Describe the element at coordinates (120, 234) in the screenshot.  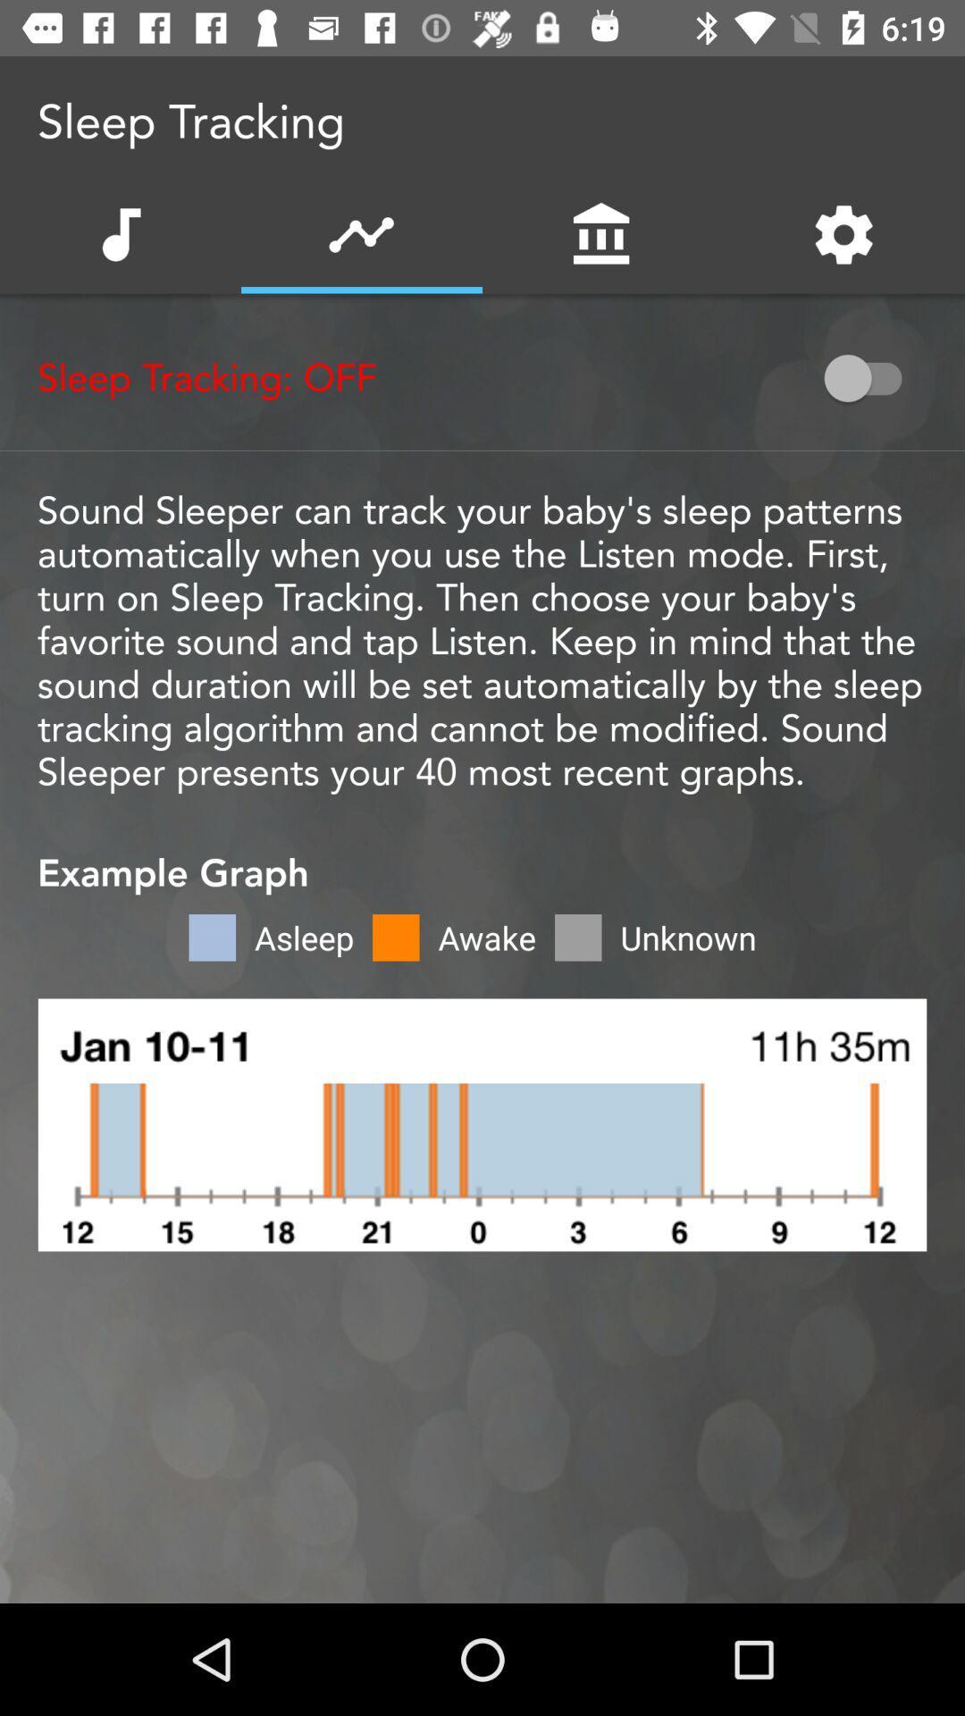
I see `the music symbol` at that location.